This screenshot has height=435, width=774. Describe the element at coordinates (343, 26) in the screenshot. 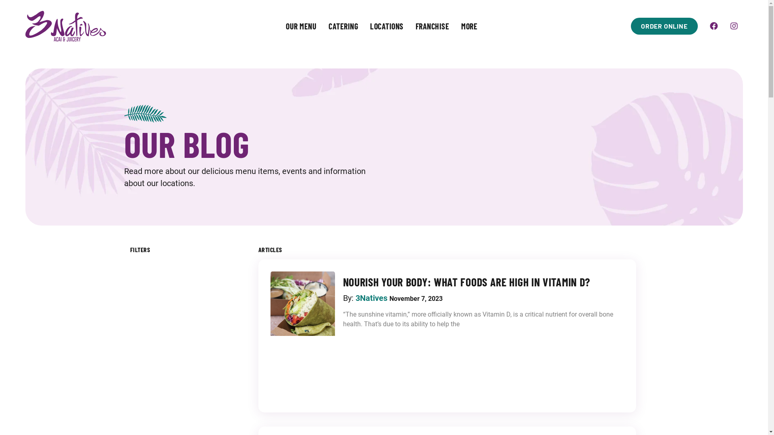

I see `'CATERING'` at that location.